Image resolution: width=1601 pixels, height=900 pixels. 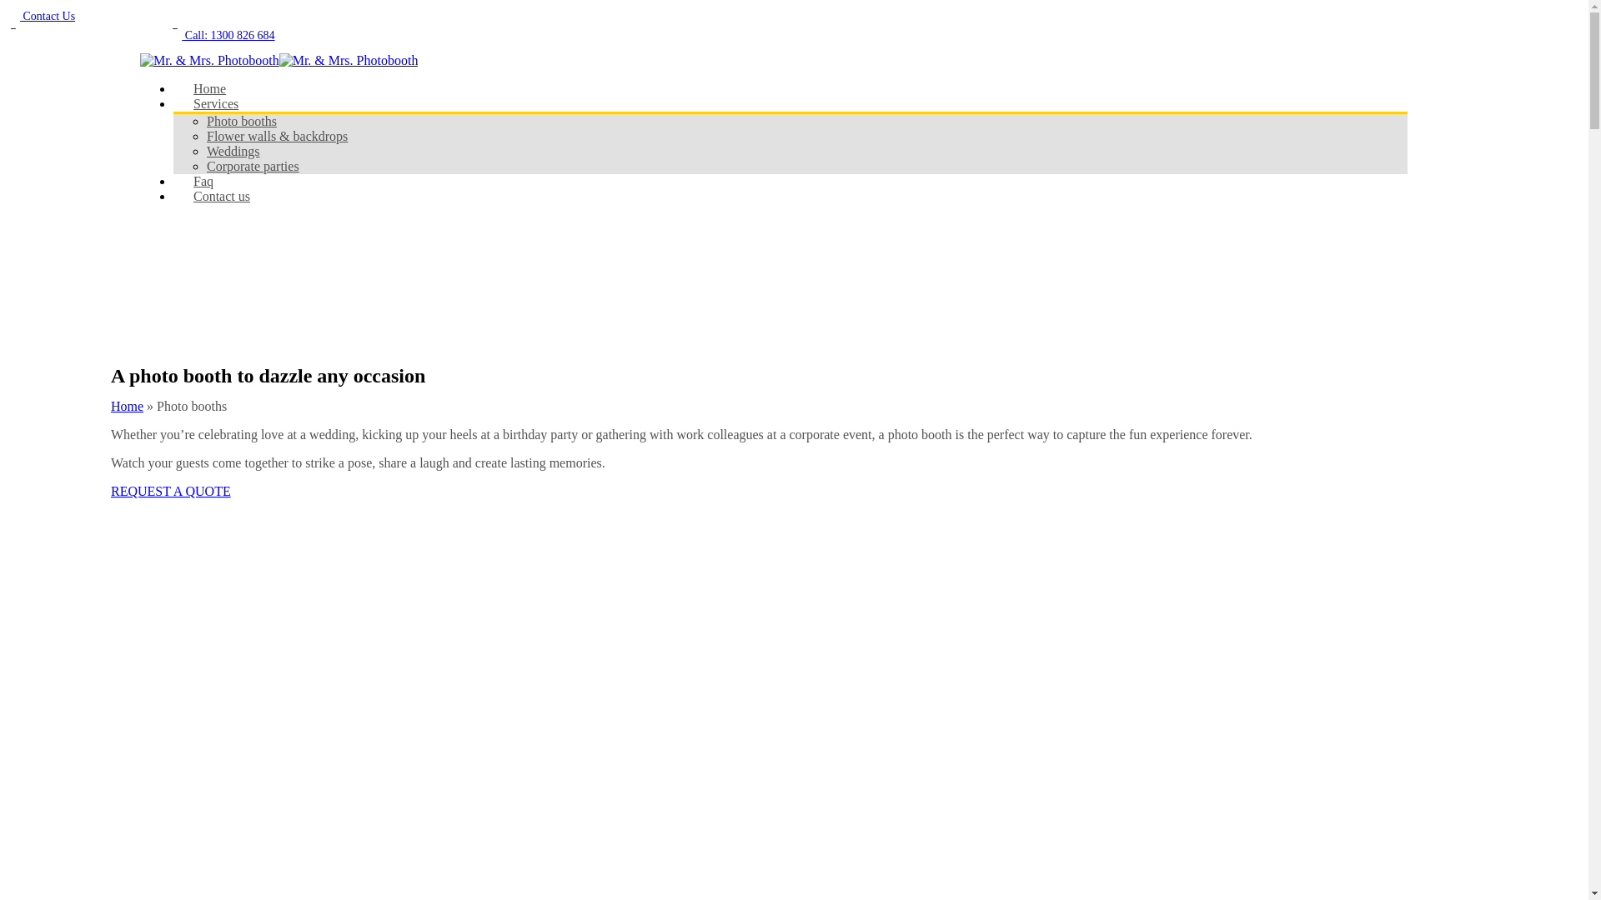 I want to click on 'Contact Us', so click(x=40, y=16).